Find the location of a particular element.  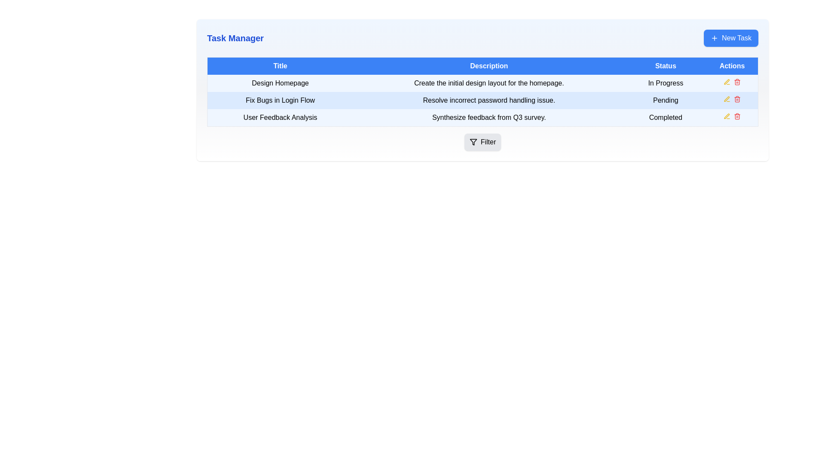

the edit icon in the Actions column of the task table for the task 'Fix Bugs in Login Flow' is located at coordinates (726, 82).